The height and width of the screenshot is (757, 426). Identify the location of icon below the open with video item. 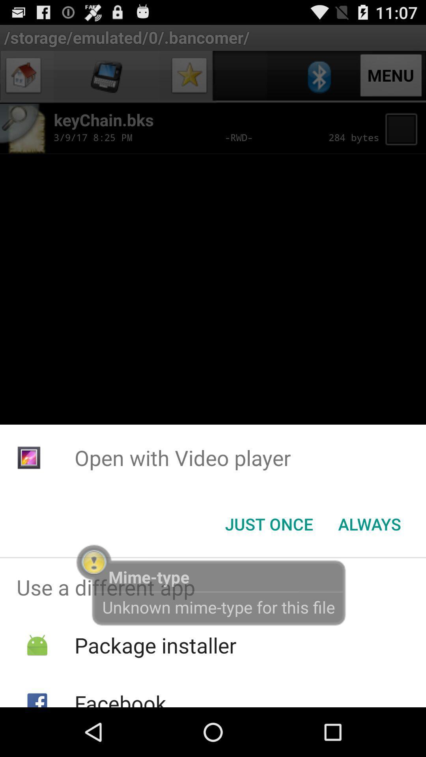
(370, 524).